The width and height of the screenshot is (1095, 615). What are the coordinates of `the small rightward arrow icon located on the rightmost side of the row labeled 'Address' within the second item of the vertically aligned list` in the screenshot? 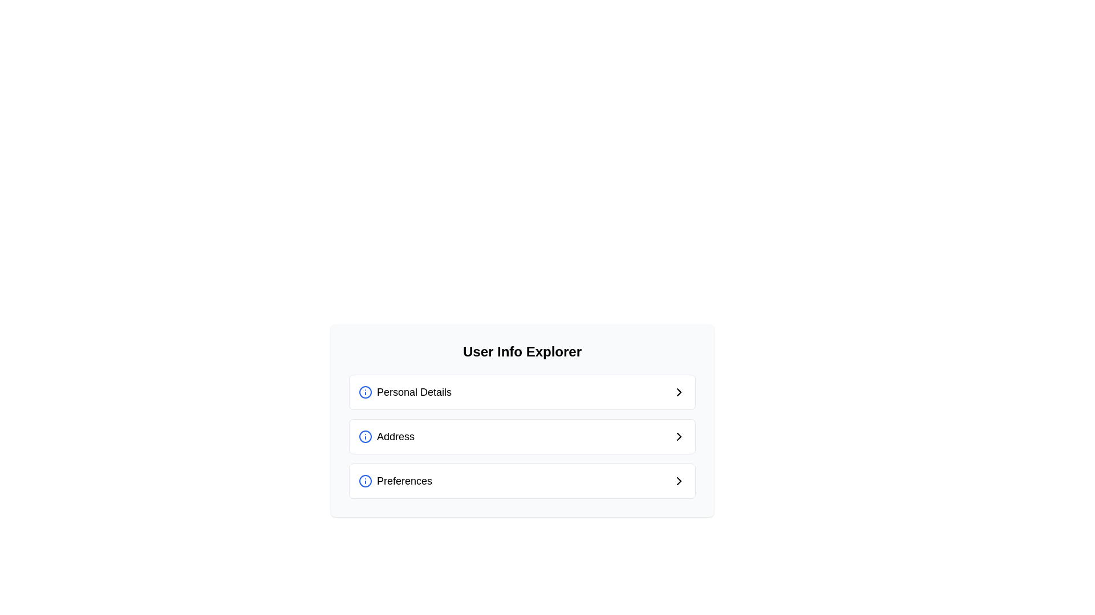 It's located at (679, 436).